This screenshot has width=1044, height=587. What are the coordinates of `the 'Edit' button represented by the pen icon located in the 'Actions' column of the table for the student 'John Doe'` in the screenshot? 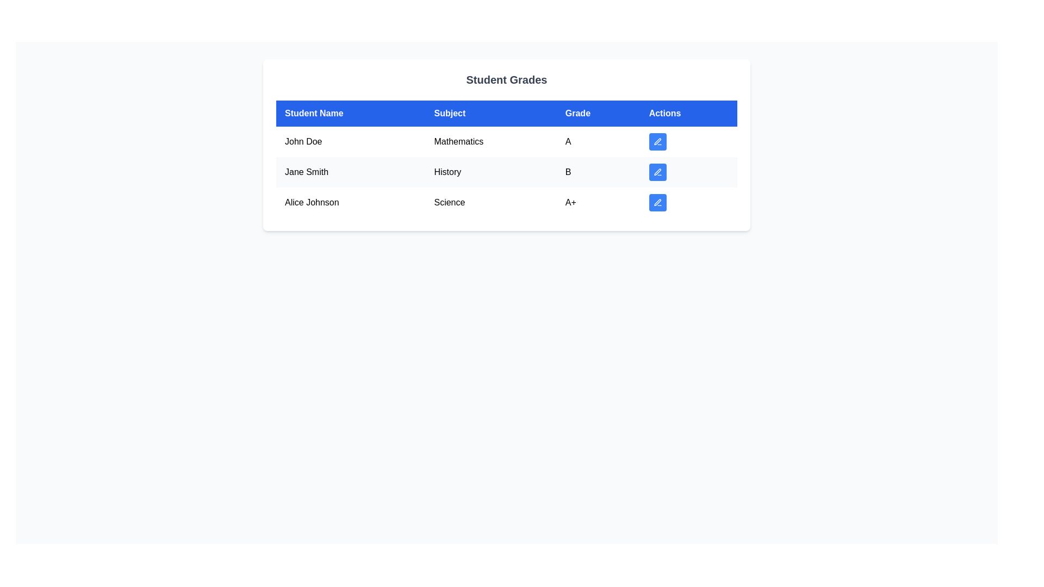 It's located at (657, 141).